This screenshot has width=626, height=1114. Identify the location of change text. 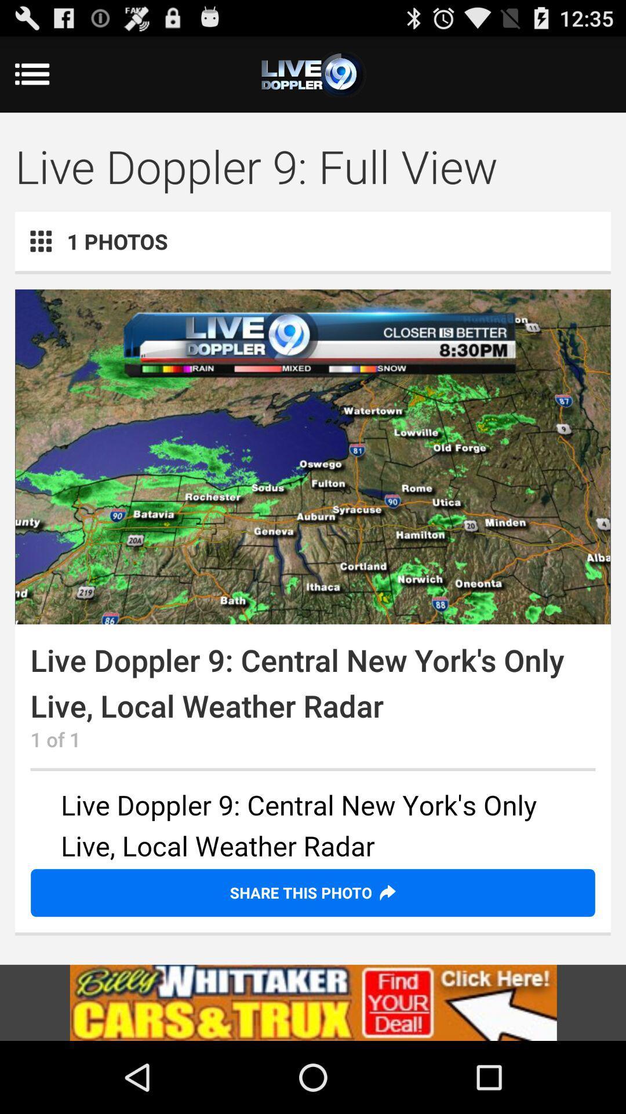
(313, 827).